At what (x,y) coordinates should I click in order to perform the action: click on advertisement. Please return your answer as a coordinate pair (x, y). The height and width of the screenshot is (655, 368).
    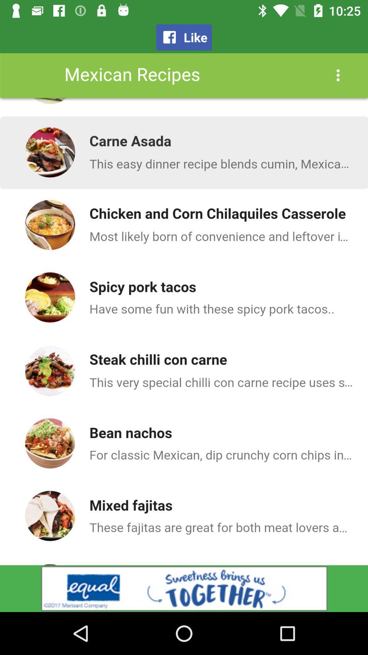
    Looking at the image, I should click on (184, 588).